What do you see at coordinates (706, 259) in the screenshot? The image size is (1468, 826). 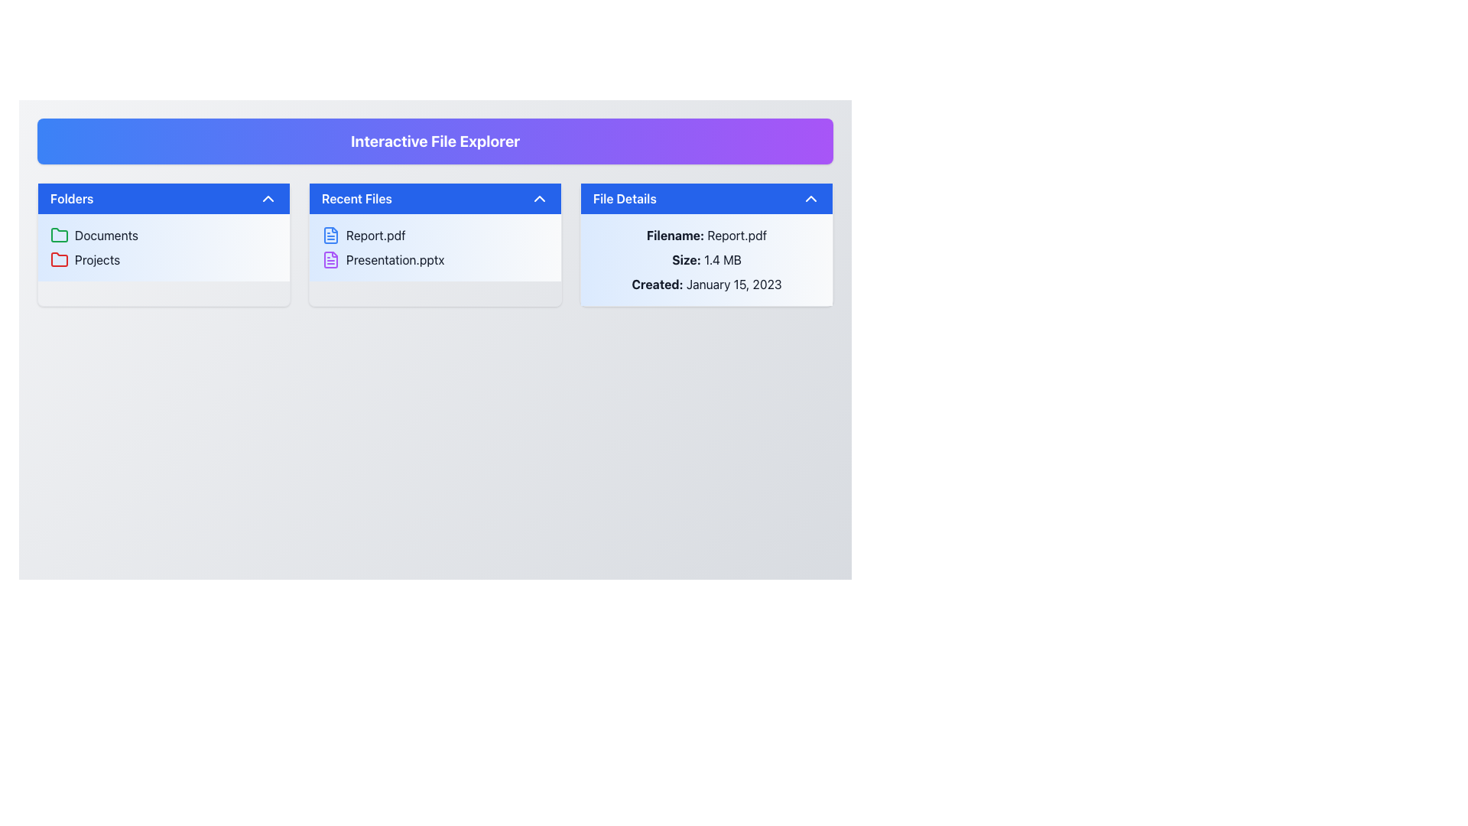 I see `the text display area that shows detailed information about a file, including 'Report.pdf', '1.4 MB', and 'January 15, 2023', located in the 'File Details' section` at bounding box center [706, 259].